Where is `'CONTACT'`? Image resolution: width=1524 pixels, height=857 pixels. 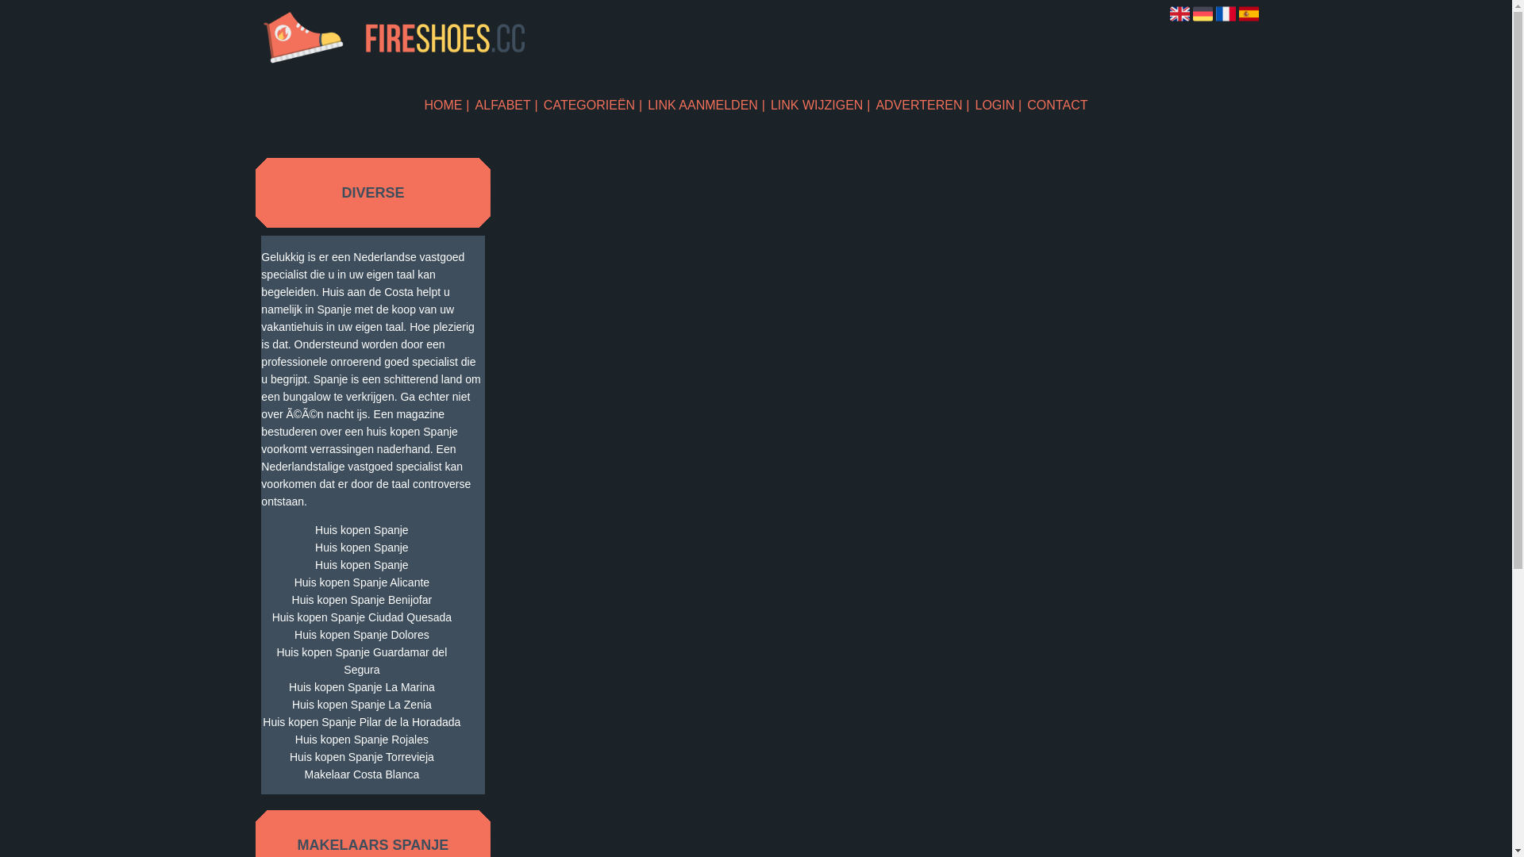
'CONTACT' is located at coordinates (1027, 105).